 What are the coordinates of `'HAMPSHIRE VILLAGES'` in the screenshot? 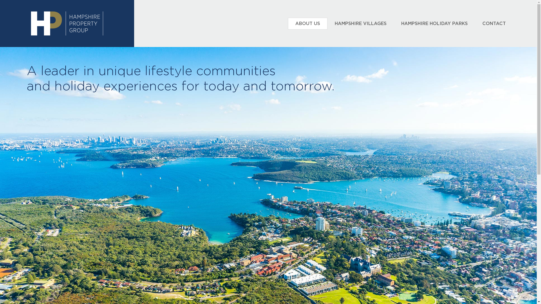 It's located at (361, 23).